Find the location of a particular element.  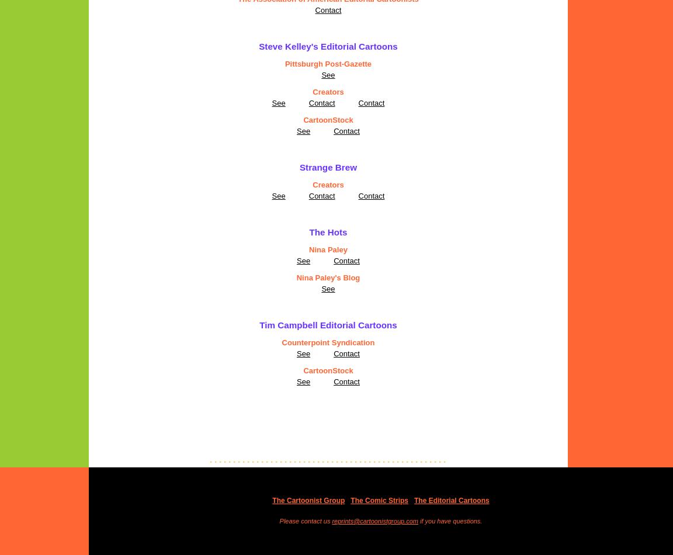

'Pittsburgh Post-Gazette' is located at coordinates (328, 64).